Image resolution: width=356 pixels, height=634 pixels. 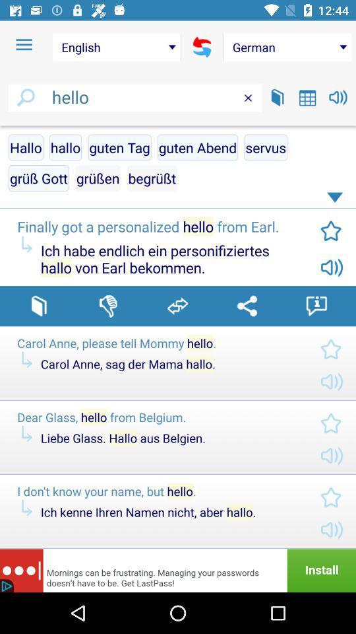 What do you see at coordinates (107, 306) in the screenshot?
I see `react i do n't like it` at bounding box center [107, 306].